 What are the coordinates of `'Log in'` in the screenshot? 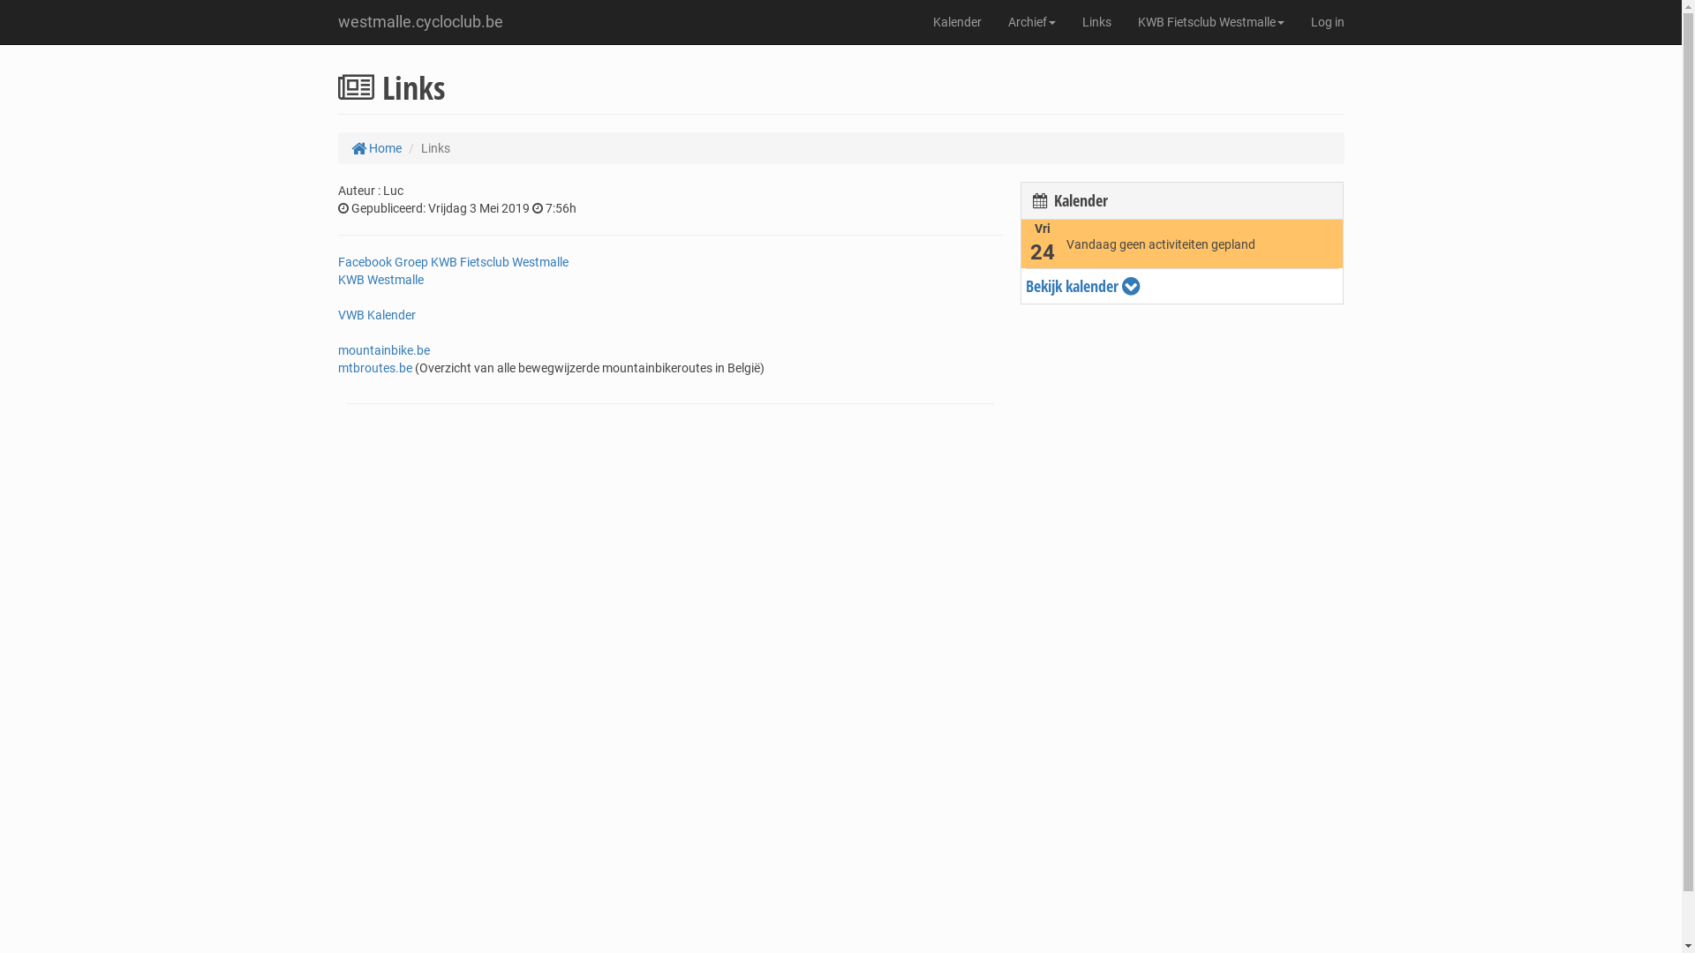 It's located at (1327, 21).